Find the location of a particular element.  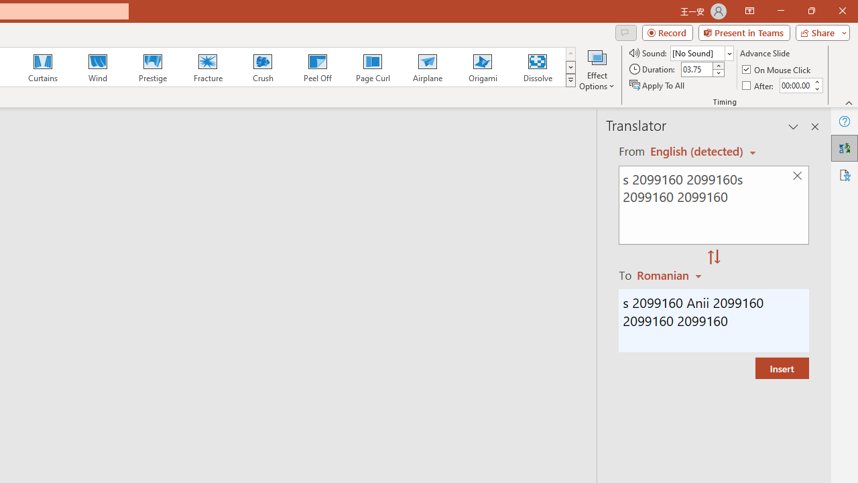

'Peel Off' is located at coordinates (316, 67).